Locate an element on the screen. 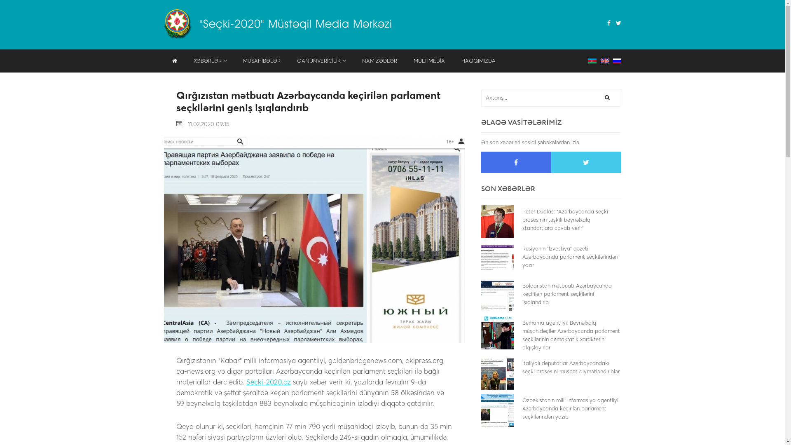 This screenshot has height=445, width=791. 'Secki-2020.az' is located at coordinates (246, 382).